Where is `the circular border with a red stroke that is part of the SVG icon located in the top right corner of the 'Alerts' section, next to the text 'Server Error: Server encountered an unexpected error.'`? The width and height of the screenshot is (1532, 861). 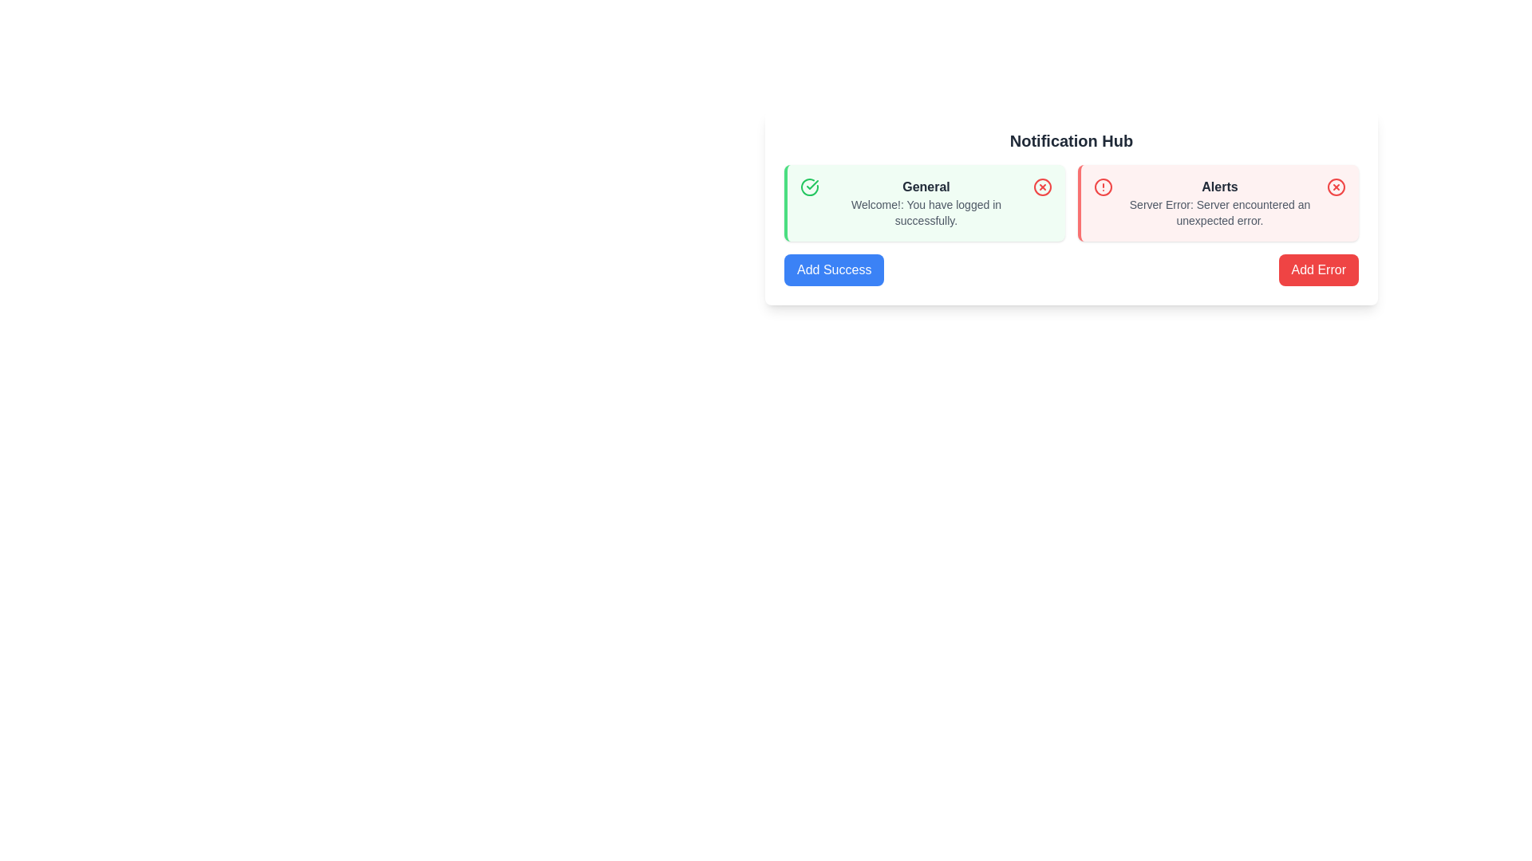 the circular border with a red stroke that is part of the SVG icon located in the top right corner of the 'Alerts' section, next to the text 'Server Error: Server encountered an unexpected error.' is located at coordinates (1337, 187).